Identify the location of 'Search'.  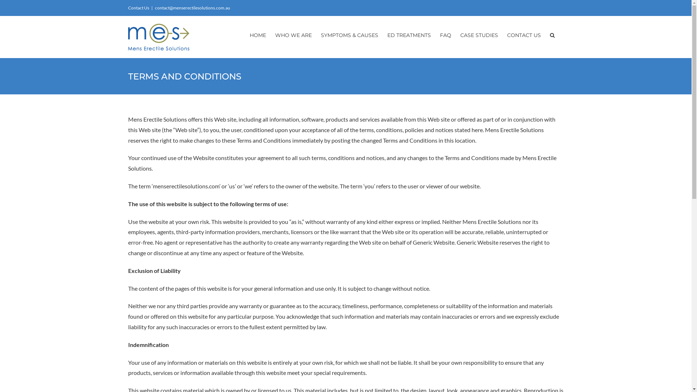
(552, 35).